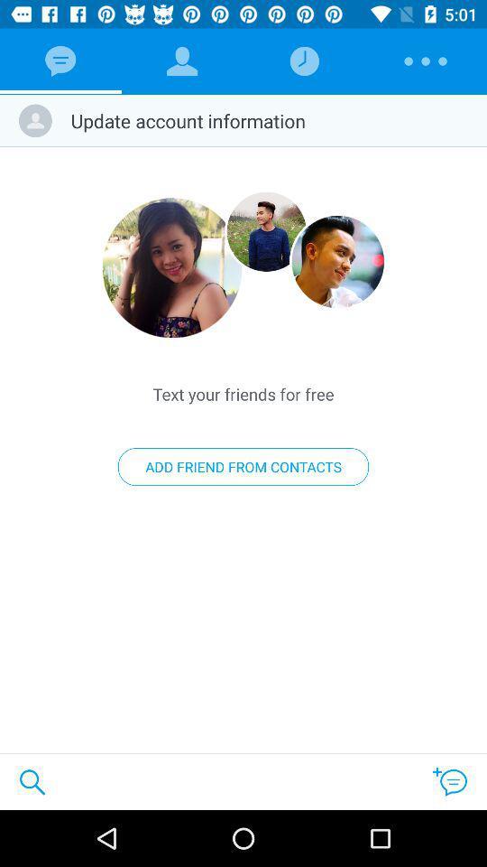  Describe the element at coordinates (243, 466) in the screenshot. I see `the add friend from item` at that location.